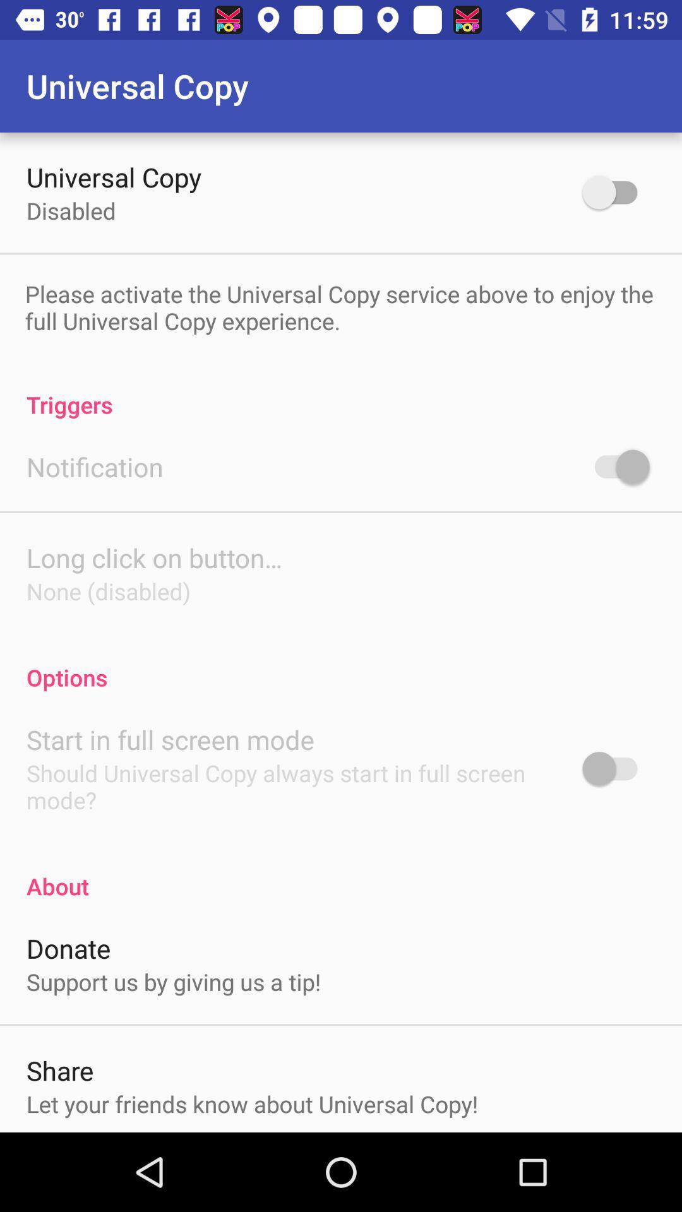 The image size is (682, 1212). What do you see at coordinates (615, 191) in the screenshot?
I see `activate universal copy` at bounding box center [615, 191].